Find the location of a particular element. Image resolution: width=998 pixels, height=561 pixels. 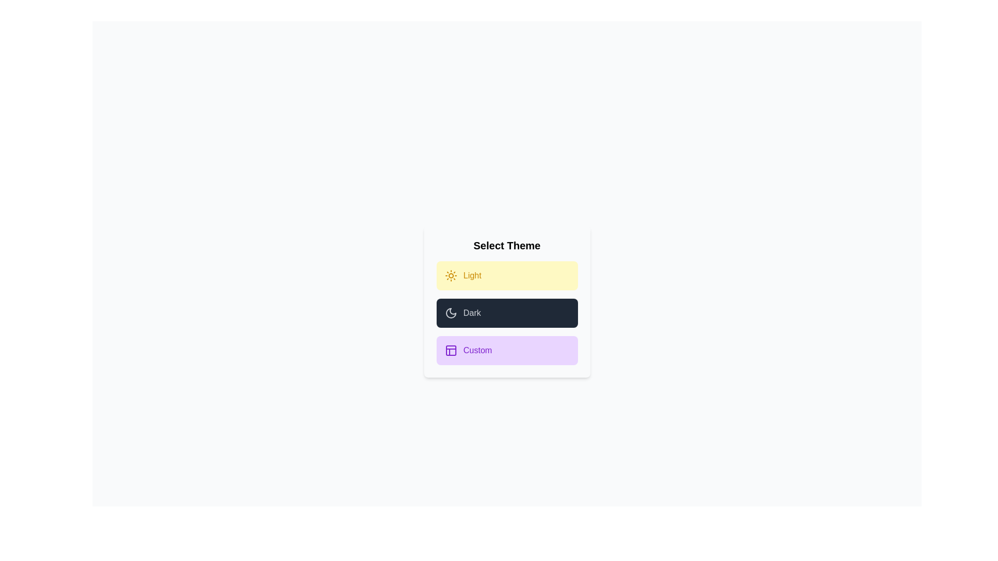

the 'Custom' icon that visually represents the 'Custom' option for selecting a theme or layout, located within the rectangular button labeled 'Custom.' is located at coordinates (451, 351).